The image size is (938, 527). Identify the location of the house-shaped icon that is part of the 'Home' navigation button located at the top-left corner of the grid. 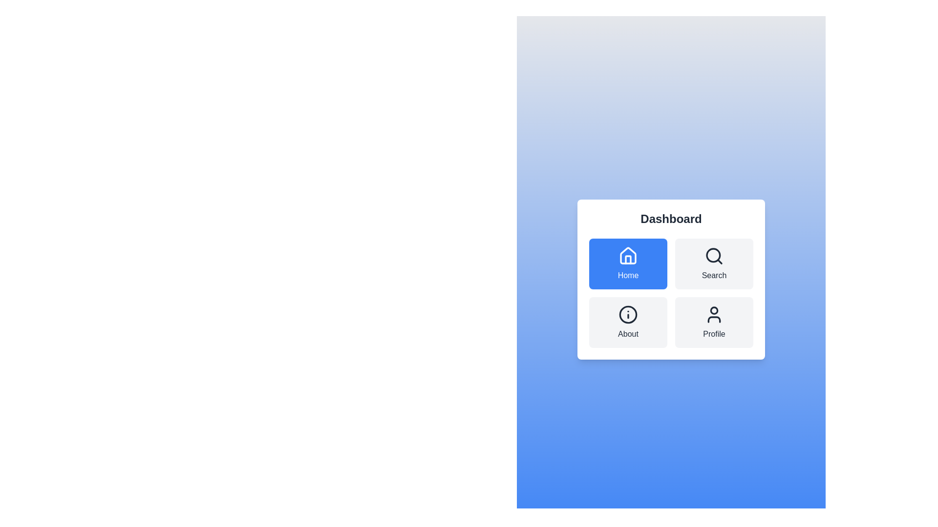
(628, 255).